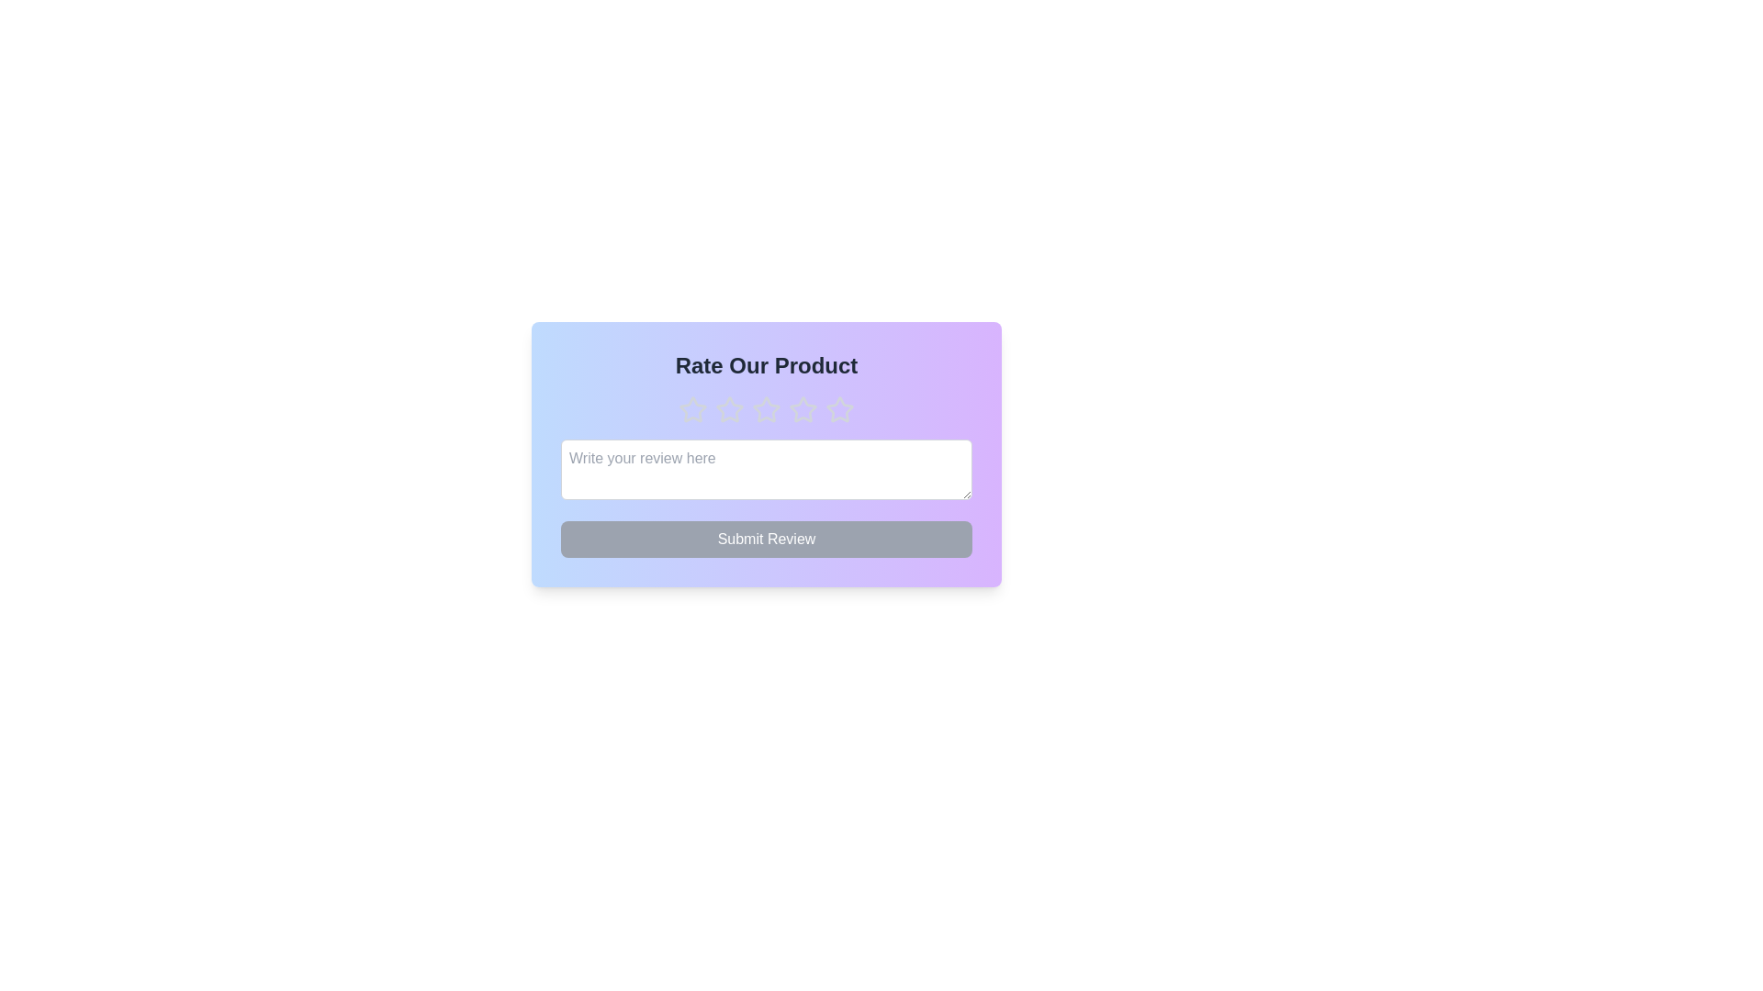 The image size is (1763, 991). I want to click on the star corresponding to the desired rating of 4, so click(803, 409).